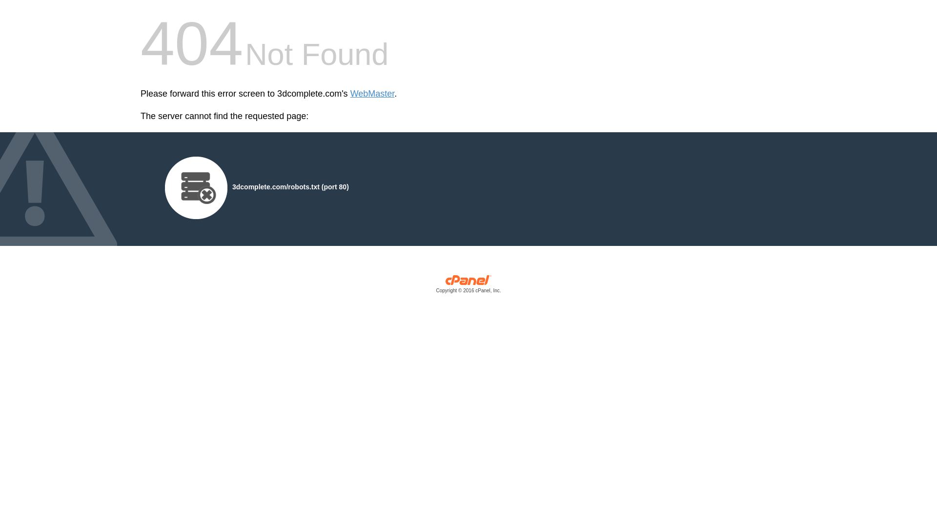 This screenshot has width=937, height=527. What do you see at coordinates (372, 94) in the screenshot?
I see `'WebMaster'` at bounding box center [372, 94].